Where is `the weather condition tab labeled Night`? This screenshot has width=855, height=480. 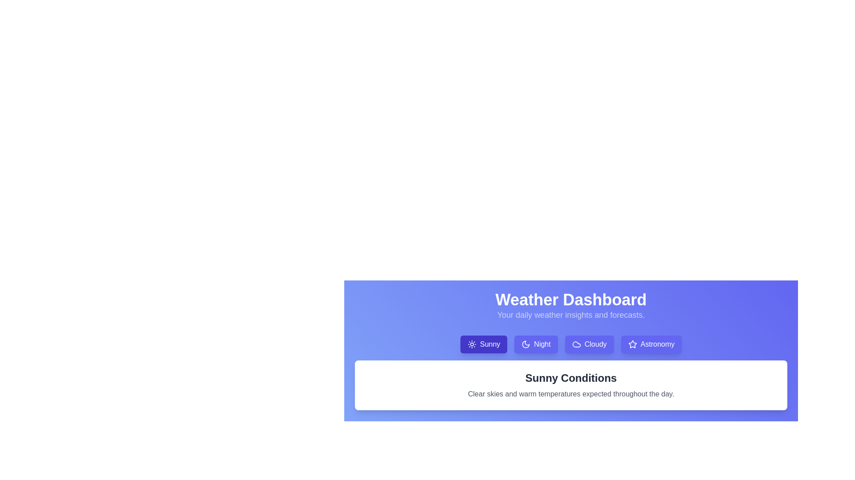 the weather condition tab labeled Night is located at coordinates (536, 344).